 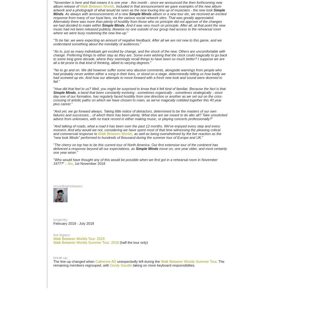 What do you see at coordinates (137, 42) in the screenshot?
I see `'To be fair, we were expecting an amount of negative feedback. After all we are not new to this game, and
we understand something about the mentality of audiences.'` at bounding box center [137, 42].